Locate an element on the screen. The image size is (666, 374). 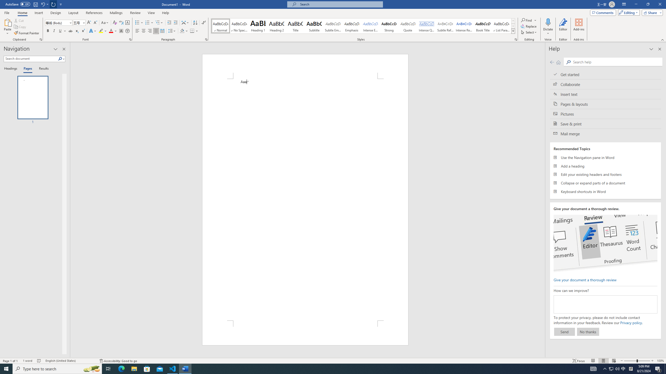
'Home' is located at coordinates (22, 13).